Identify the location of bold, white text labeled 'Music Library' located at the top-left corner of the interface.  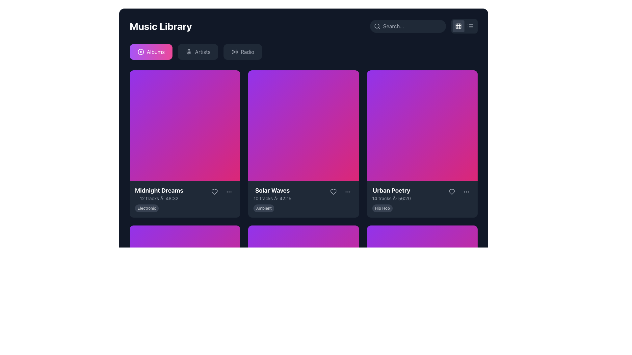
(161, 26).